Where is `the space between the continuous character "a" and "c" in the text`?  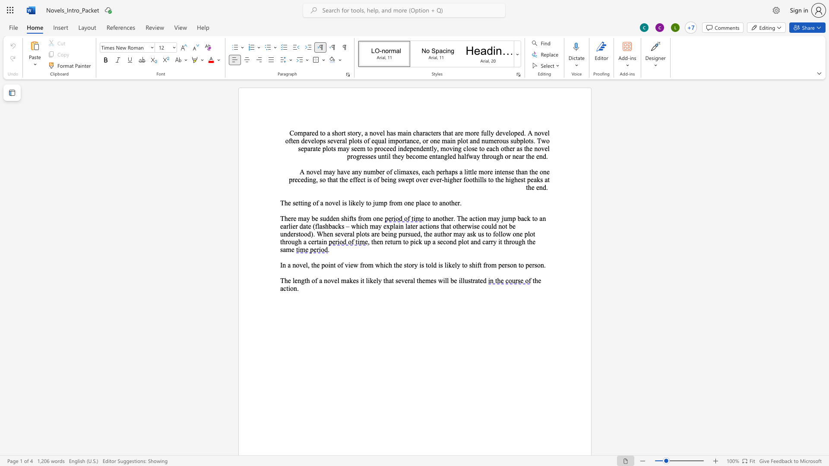
the space between the continuous character "a" and "c" in the text is located at coordinates (283, 288).